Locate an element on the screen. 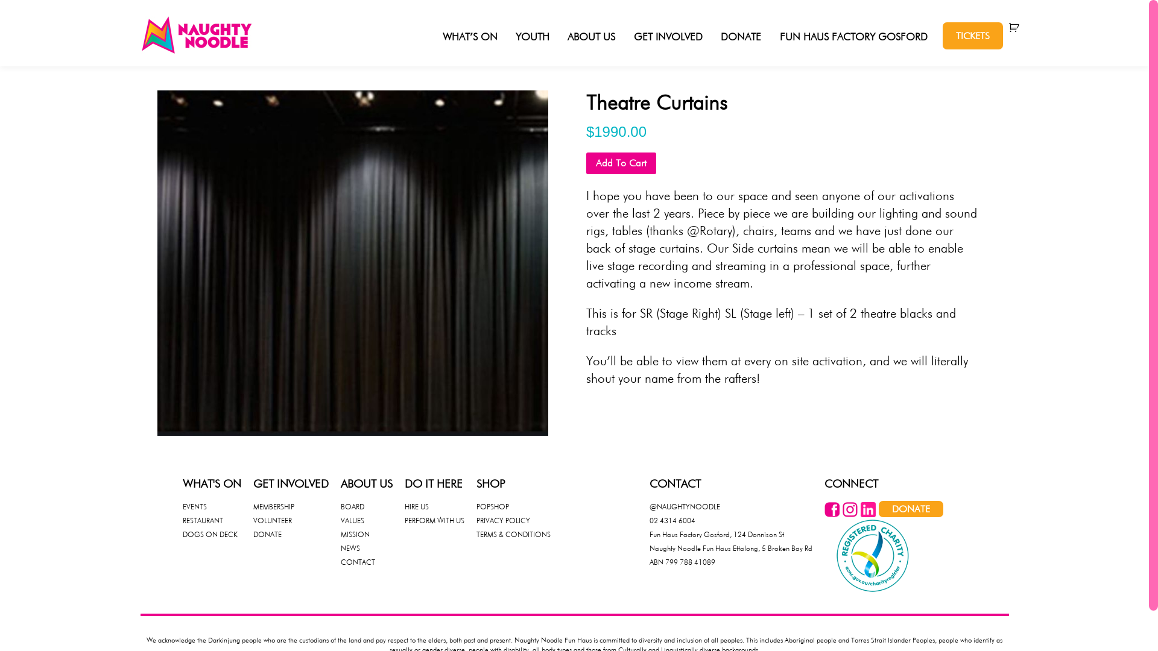 The image size is (1158, 651). 'Add To Cart' is located at coordinates (621, 163).